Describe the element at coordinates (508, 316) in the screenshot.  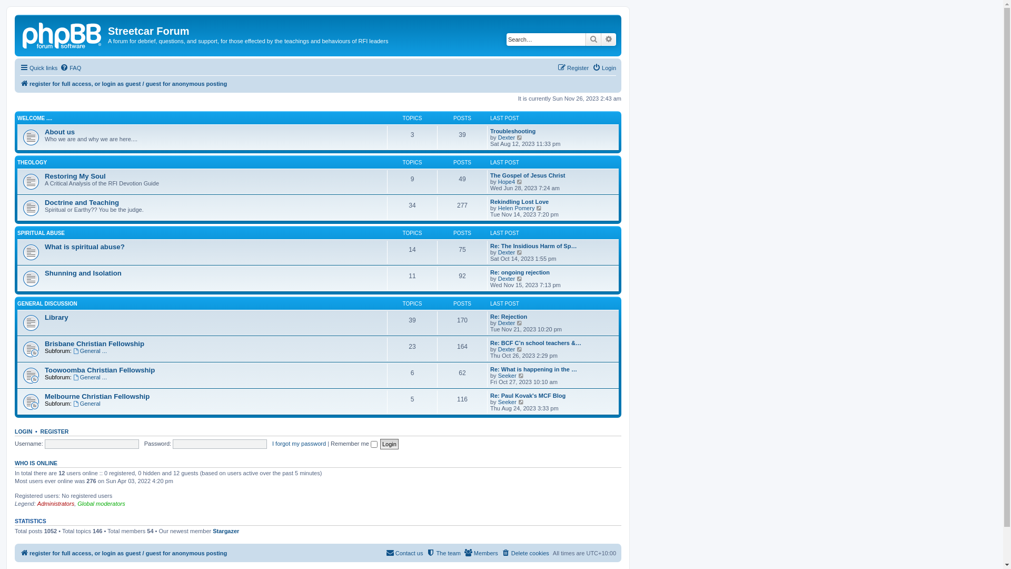
I see `'Re: Rejection'` at that location.